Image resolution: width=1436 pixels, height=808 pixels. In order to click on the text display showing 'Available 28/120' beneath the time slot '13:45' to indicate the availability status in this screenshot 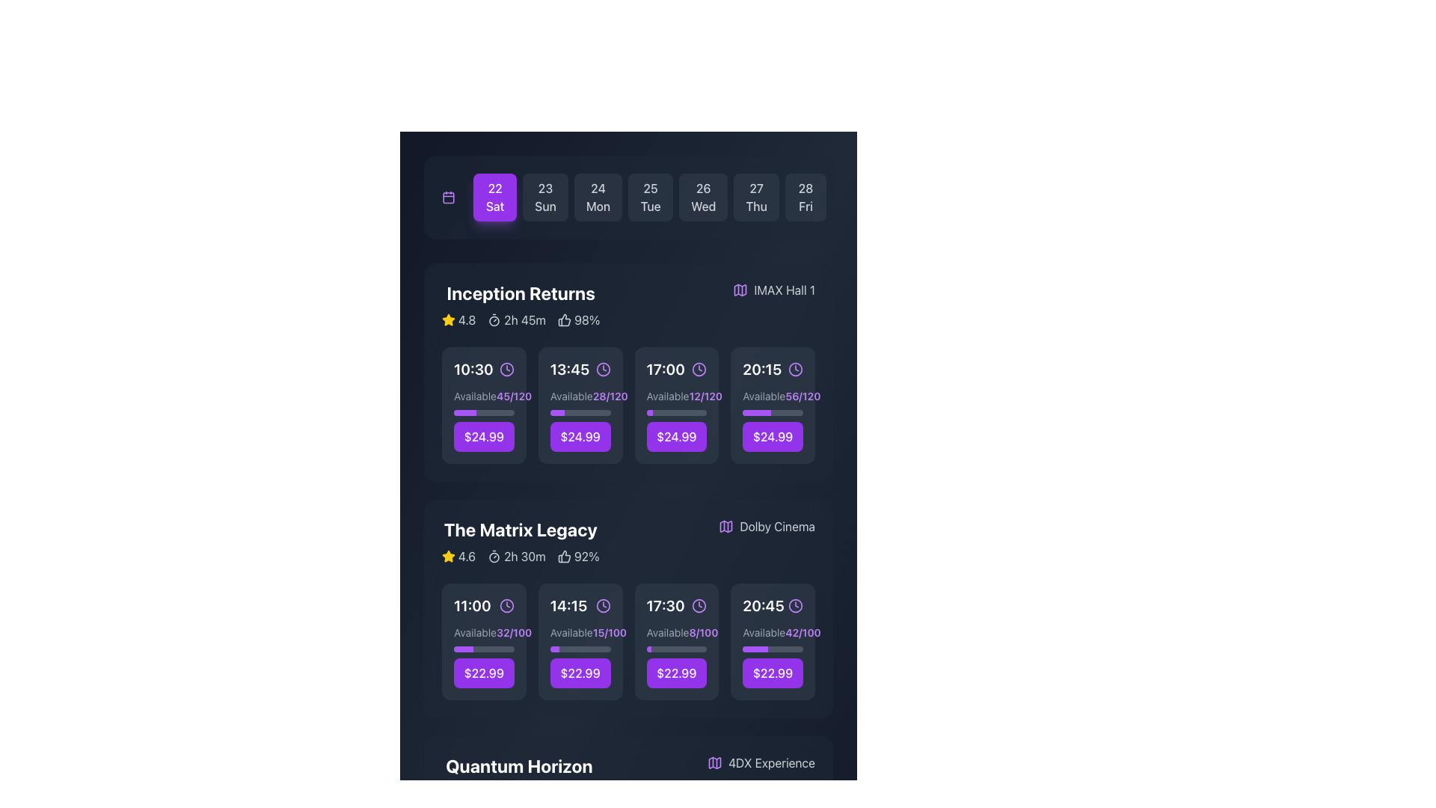, I will do `click(580, 395)`.